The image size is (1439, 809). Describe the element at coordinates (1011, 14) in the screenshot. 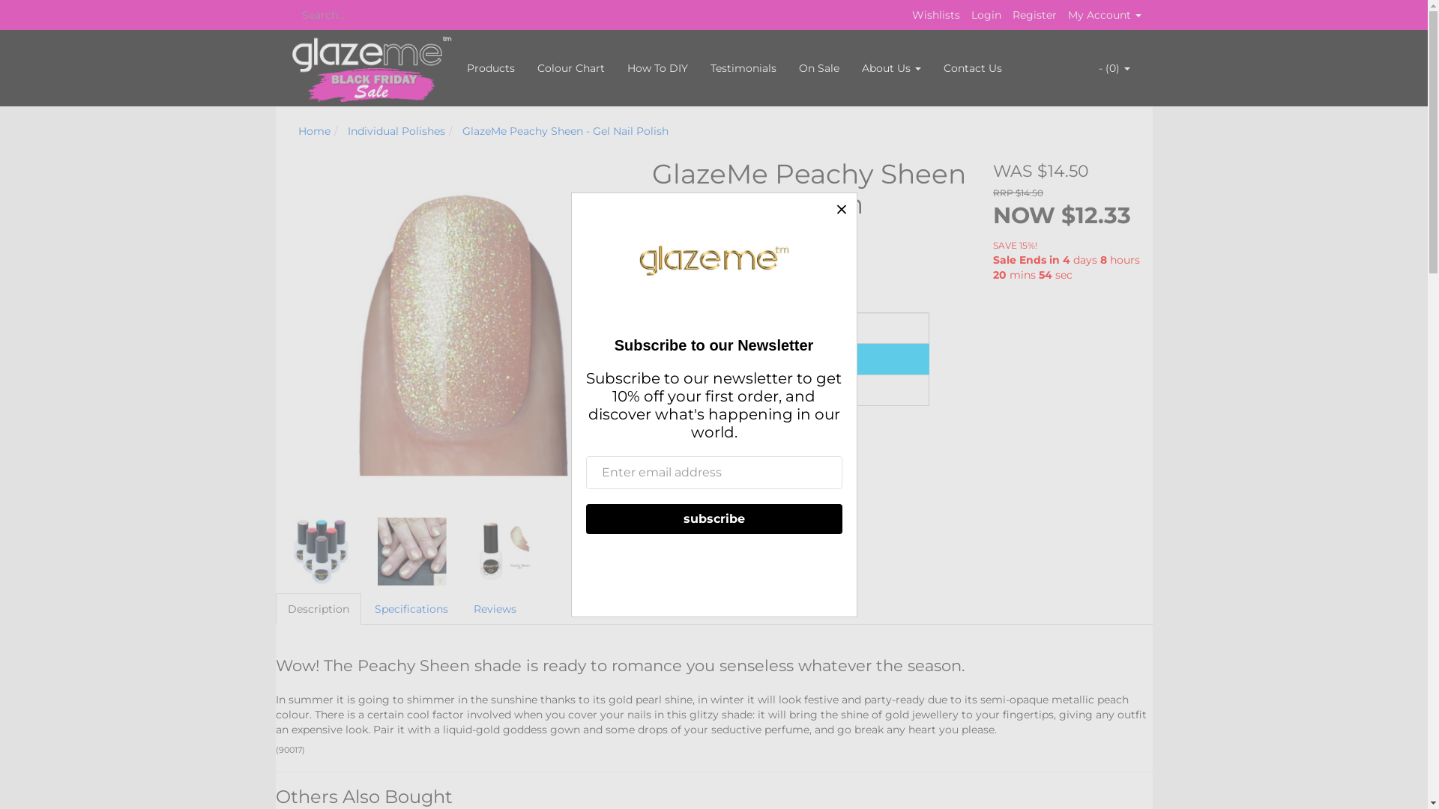

I see `'Register'` at that location.